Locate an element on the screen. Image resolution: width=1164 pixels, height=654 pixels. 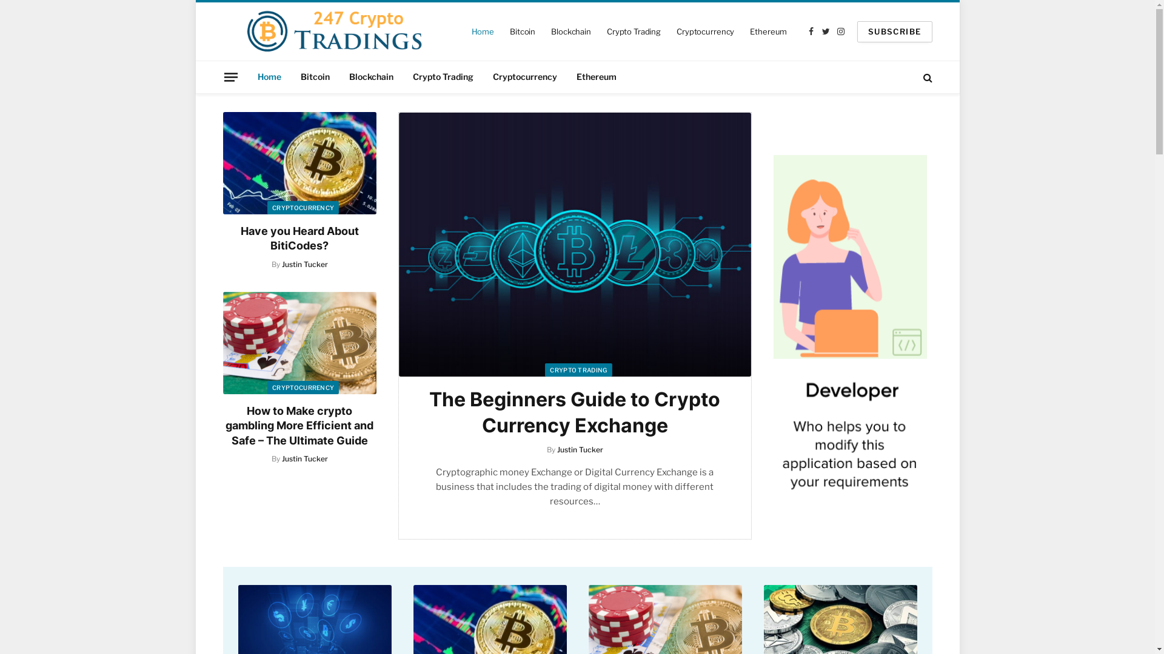
'SUBSCRIBE' is located at coordinates (895, 30).